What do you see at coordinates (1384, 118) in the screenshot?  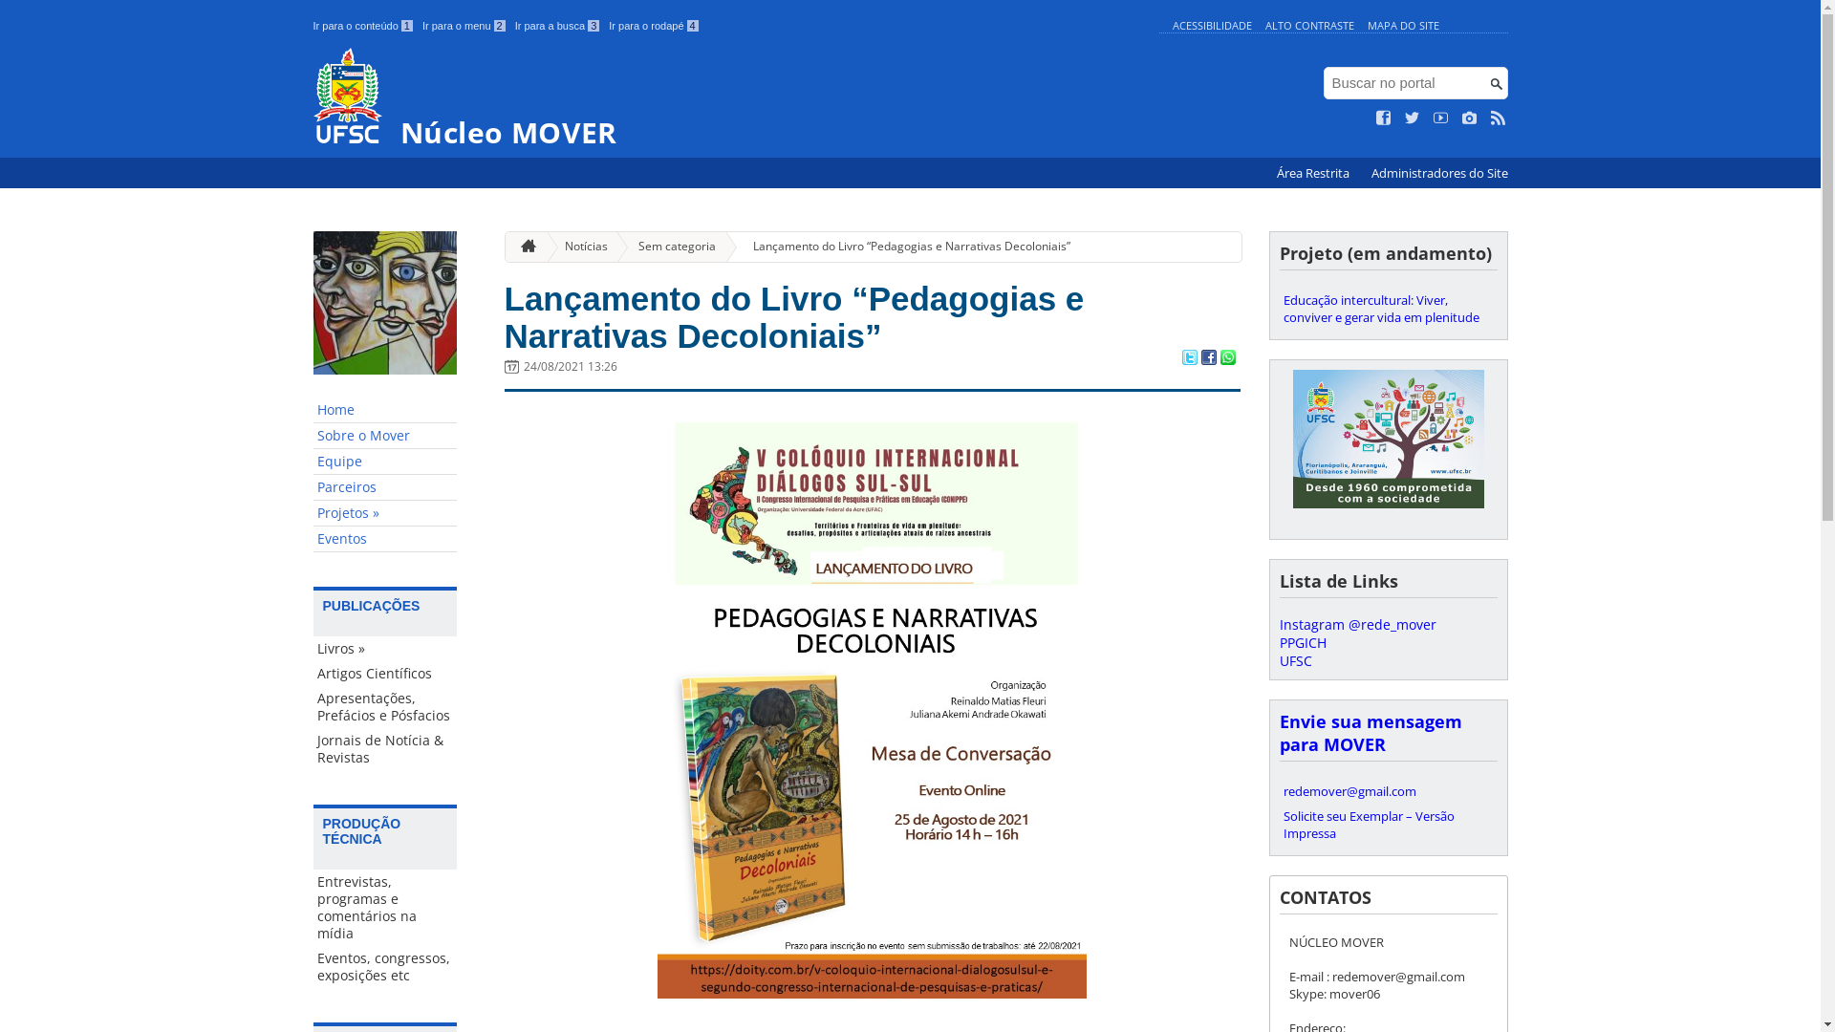 I see `'Curta no Facebook'` at bounding box center [1384, 118].